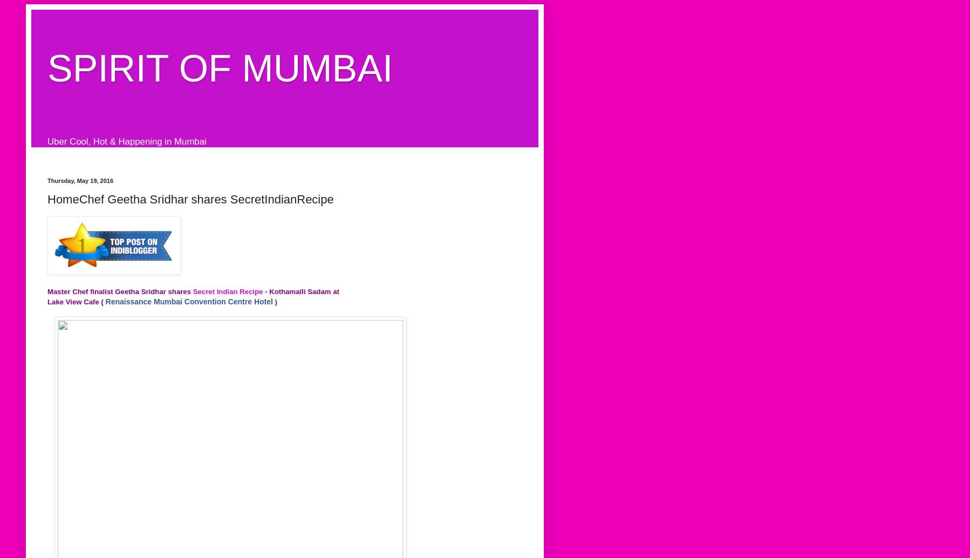 The image size is (970, 558). I want to click on 'Uber Cool, Hot & Happening in Mumbai', so click(126, 140).